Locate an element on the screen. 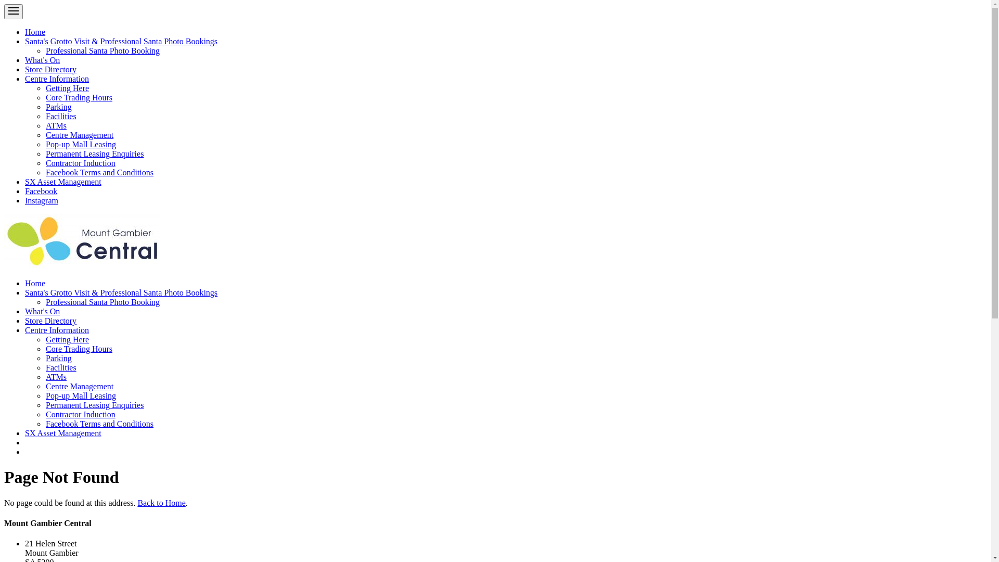  'Professional Santa Photo Booking' is located at coordinates (103, 302).